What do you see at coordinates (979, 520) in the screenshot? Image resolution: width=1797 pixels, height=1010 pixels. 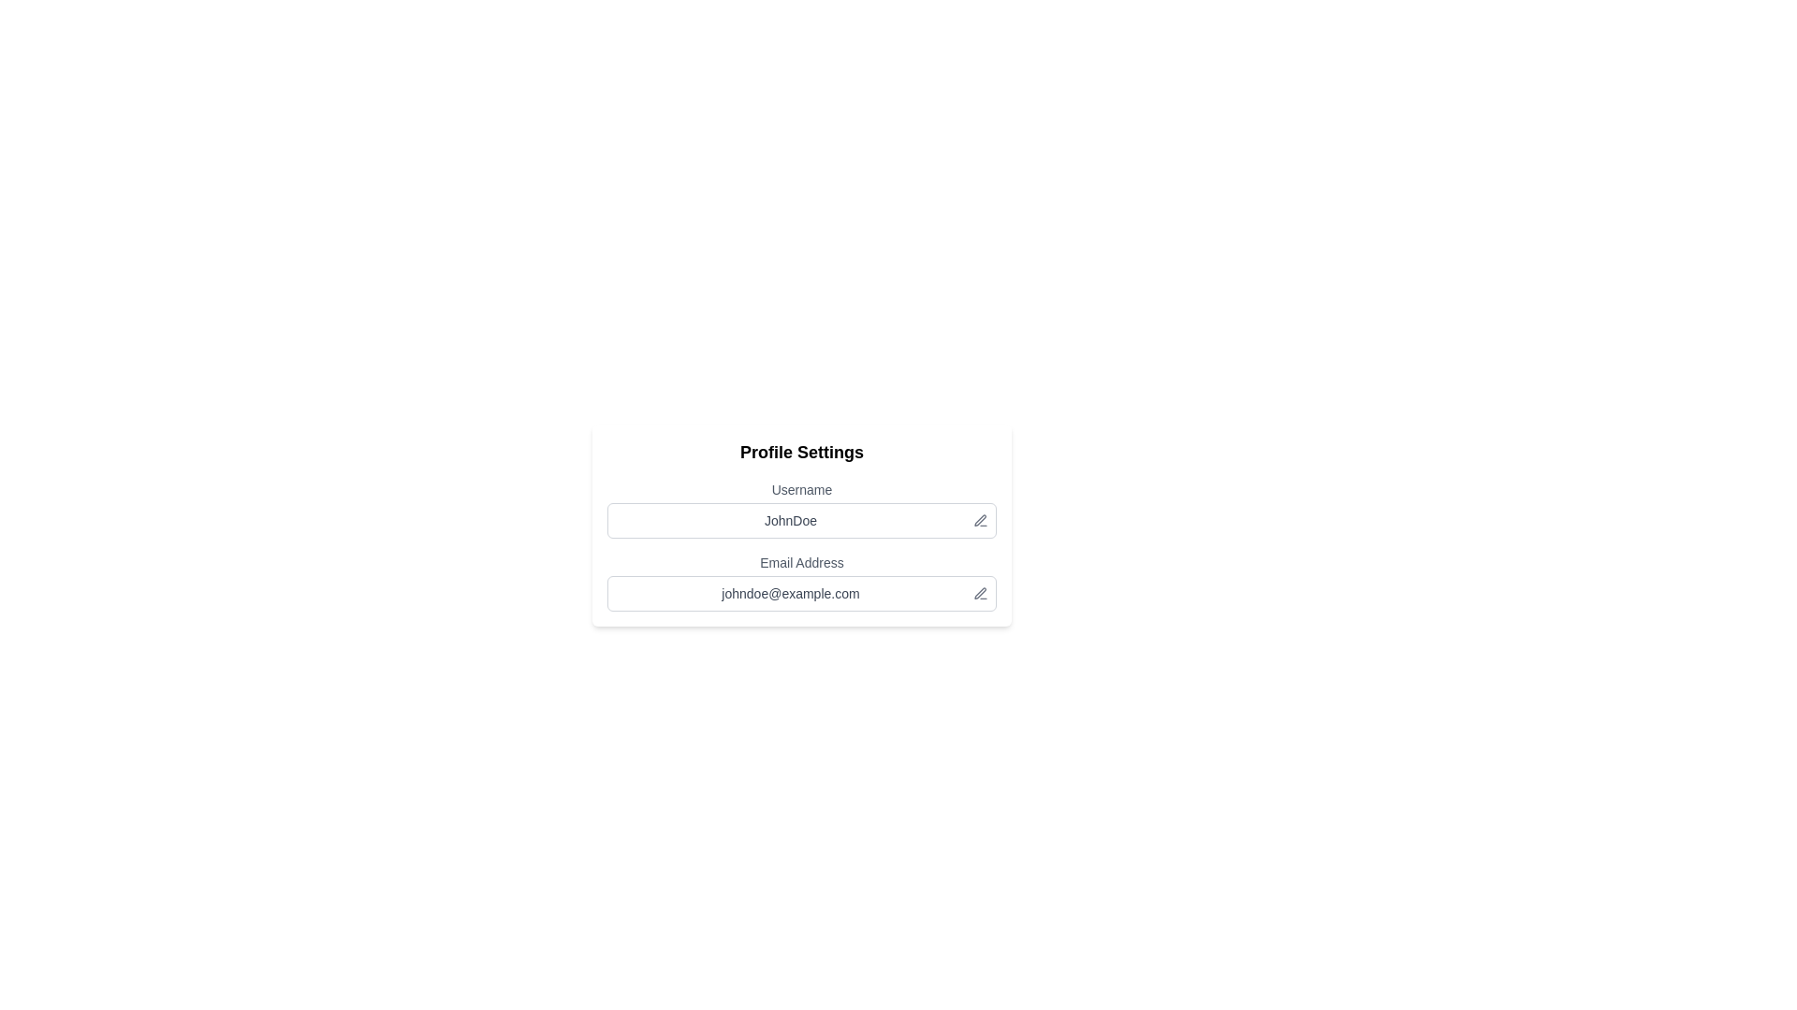 I see `the pen icon located to the right of the 'JohnDoe' text in the 'Username' row under the 'Profile Settings' header` at bounding box center [979, 520].